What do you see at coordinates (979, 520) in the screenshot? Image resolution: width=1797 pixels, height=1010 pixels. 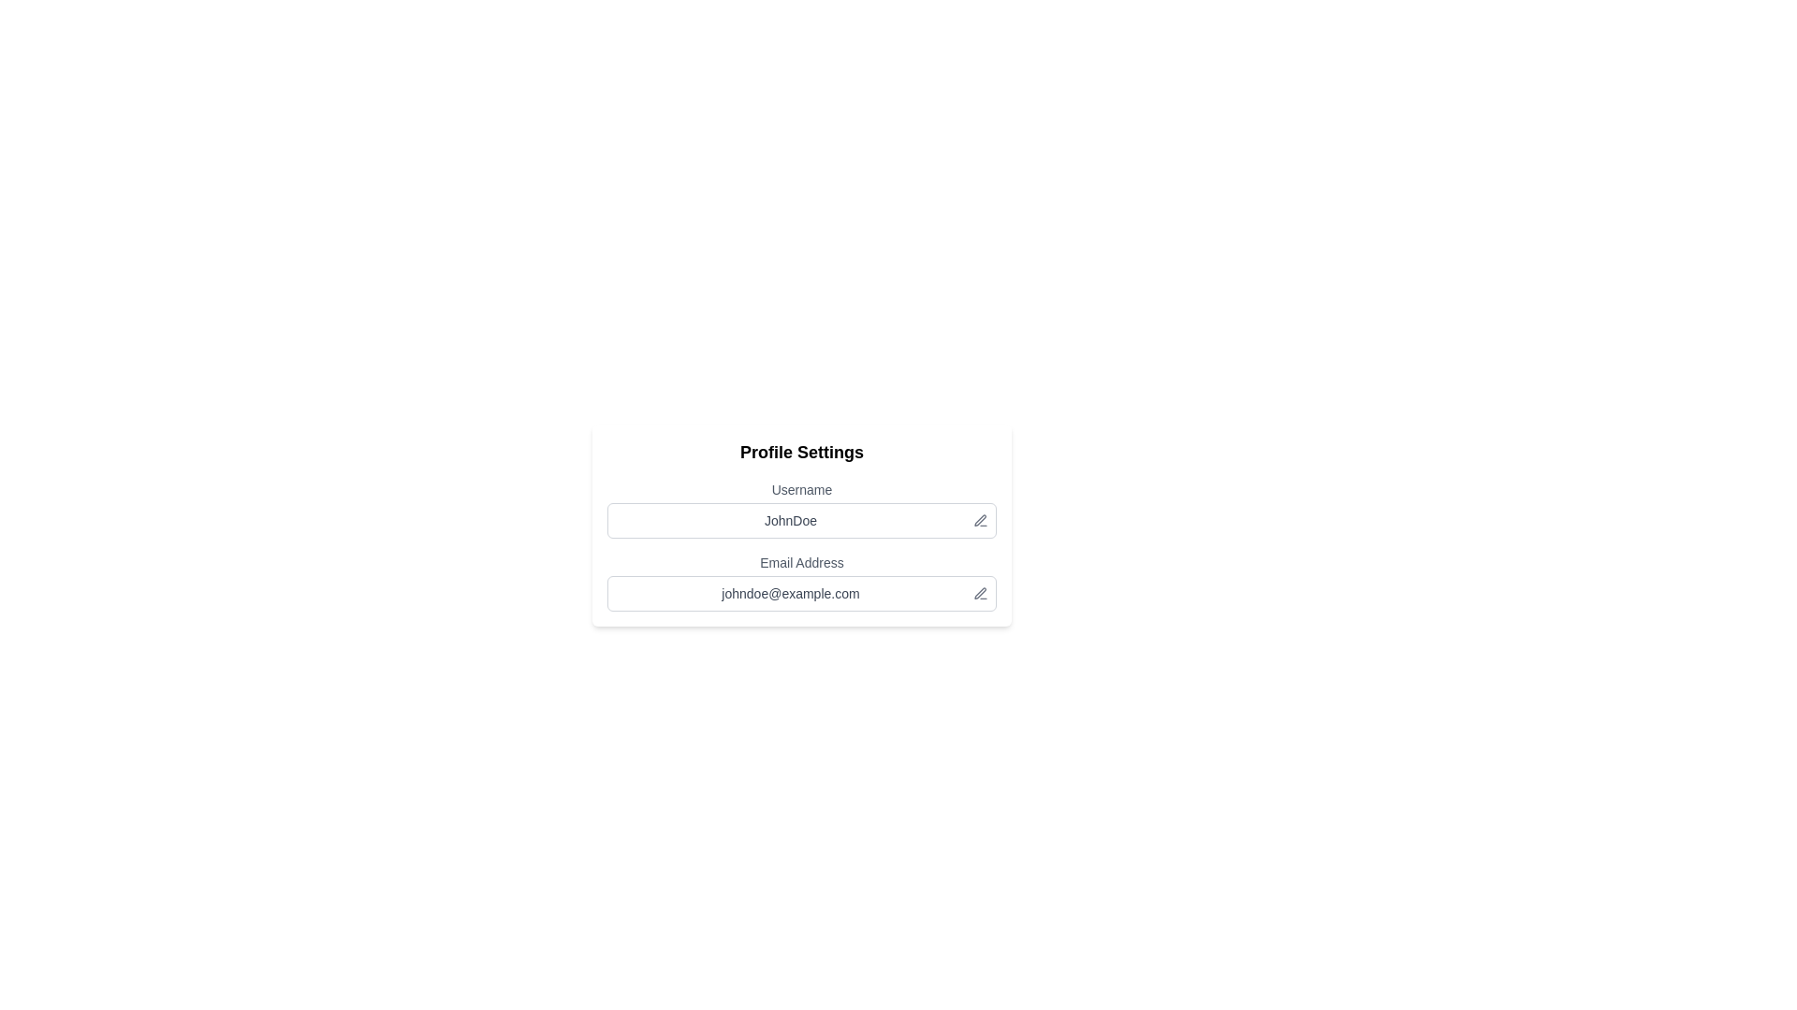 I see `the pen icon located to the right of the 'JohnDoe' text in the 'Username' row under the 'Profile Settings' header` at bounding box center [979, 520].